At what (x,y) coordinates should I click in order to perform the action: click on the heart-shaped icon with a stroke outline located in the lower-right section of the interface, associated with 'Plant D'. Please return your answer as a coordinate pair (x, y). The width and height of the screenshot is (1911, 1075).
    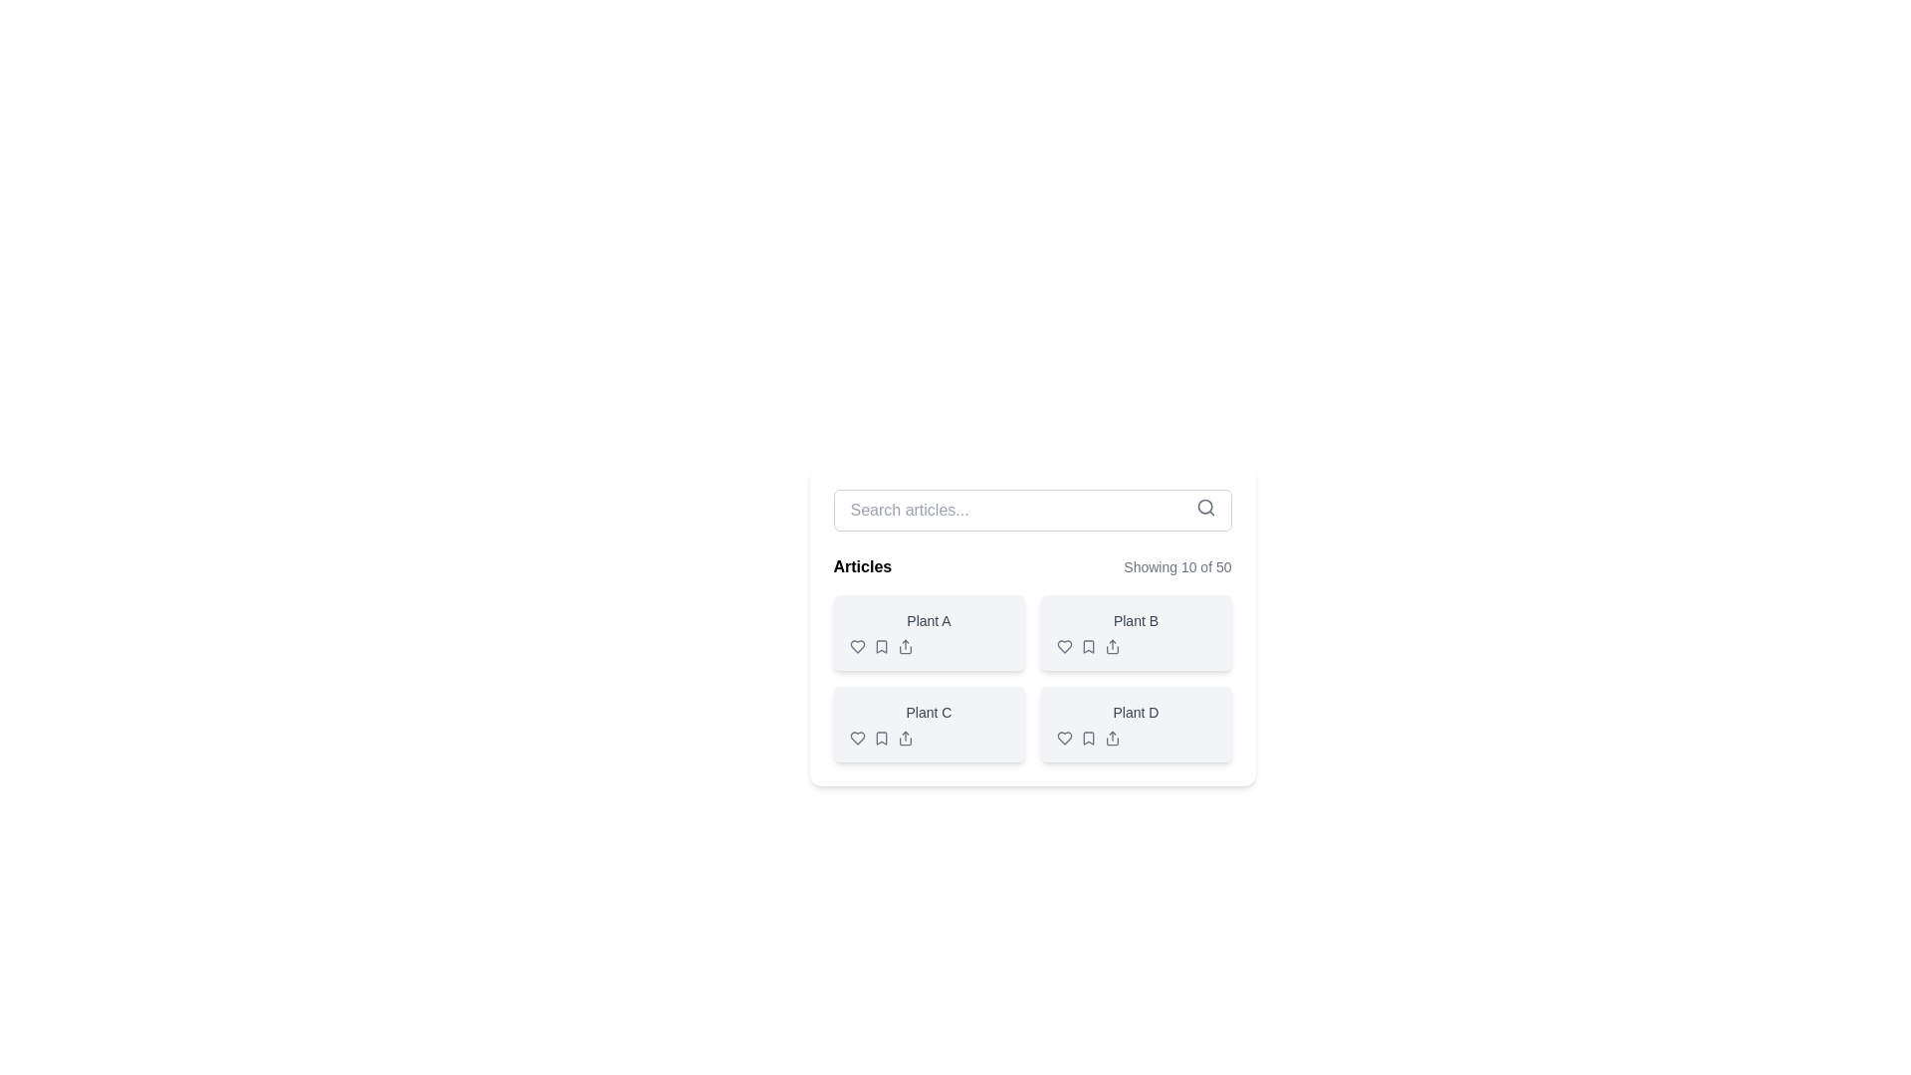
    Looking at the image, I should click on (1063, 738).